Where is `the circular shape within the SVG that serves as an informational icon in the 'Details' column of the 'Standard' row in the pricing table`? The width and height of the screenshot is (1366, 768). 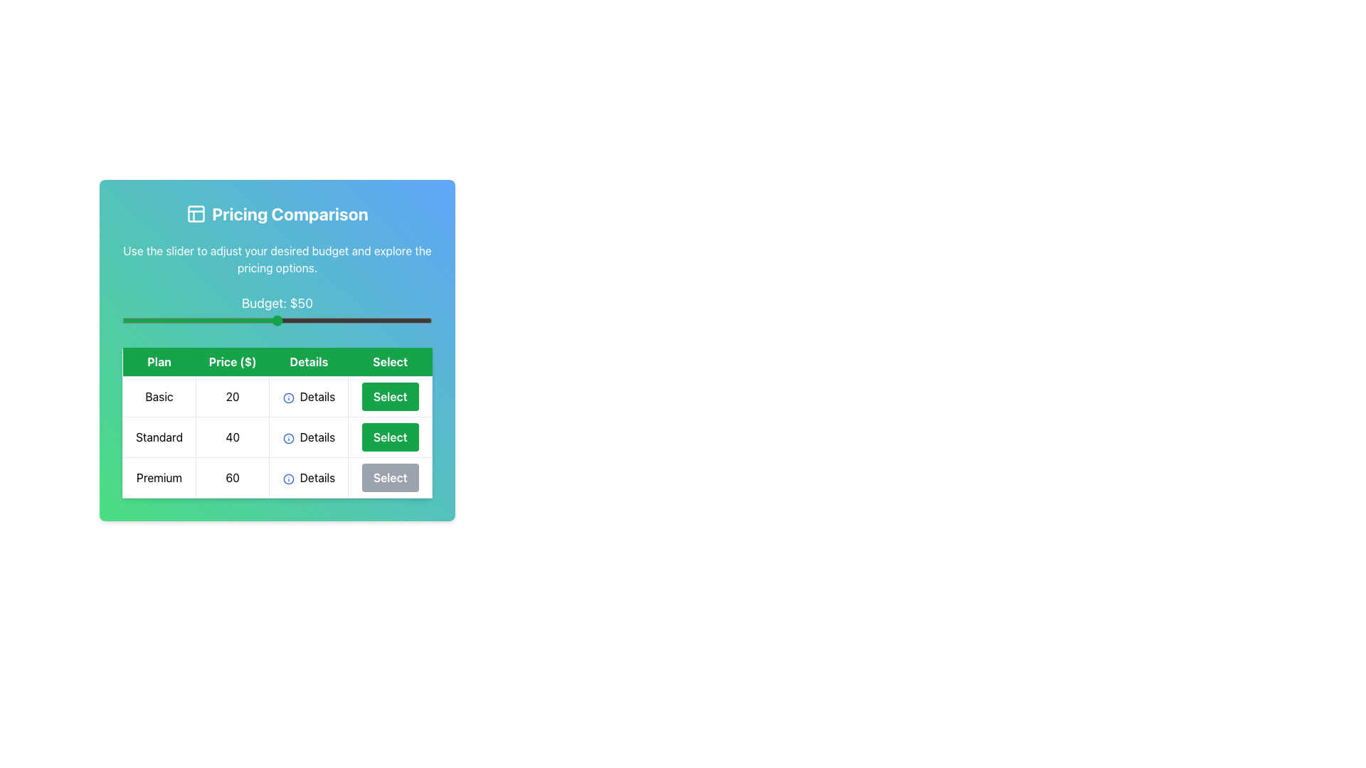
the circular shape within the SVG that serves as an informational icon in the 'Details' column of the 'Standard' row in the pricing table is located at coordinates (287, 437).